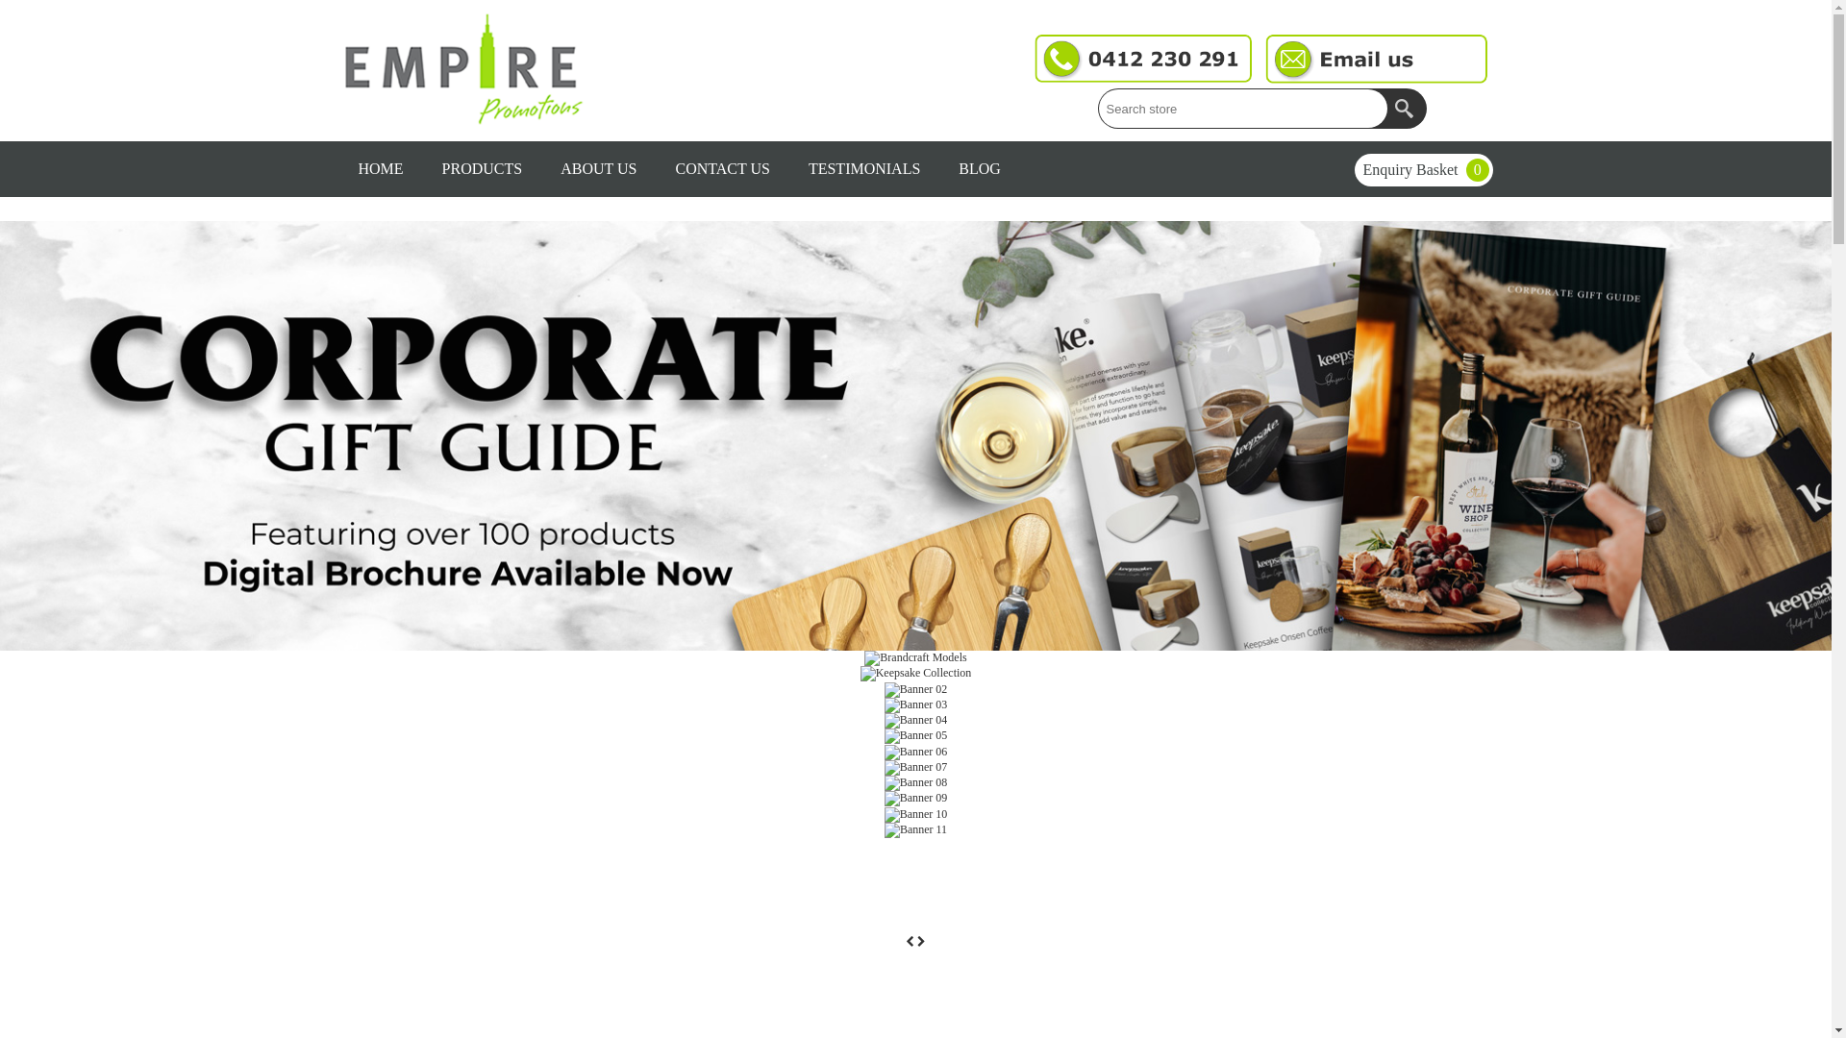  Describe the element at coordinates (597, 168) in the screenshot. I see `'ABOUT US'` at that location.